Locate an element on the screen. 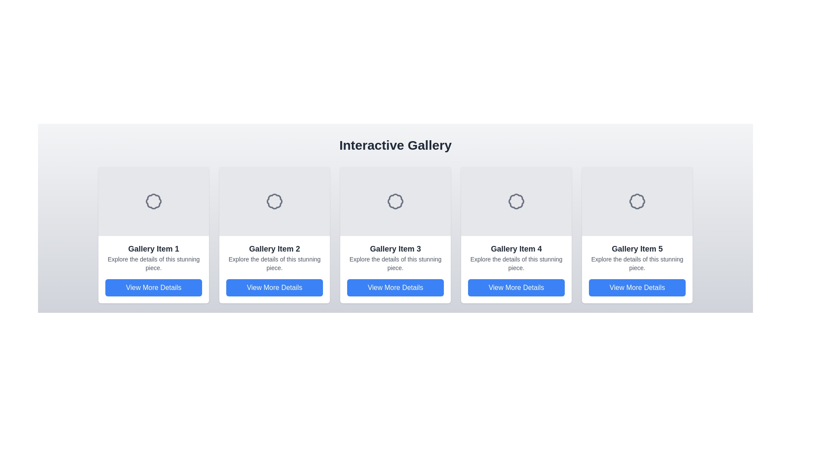  the Decorative Icon, a circular icon with a scalloped border and a light gray fill, located in the second item card of a horizontal gallery layout is located at coordinates (274, 201).